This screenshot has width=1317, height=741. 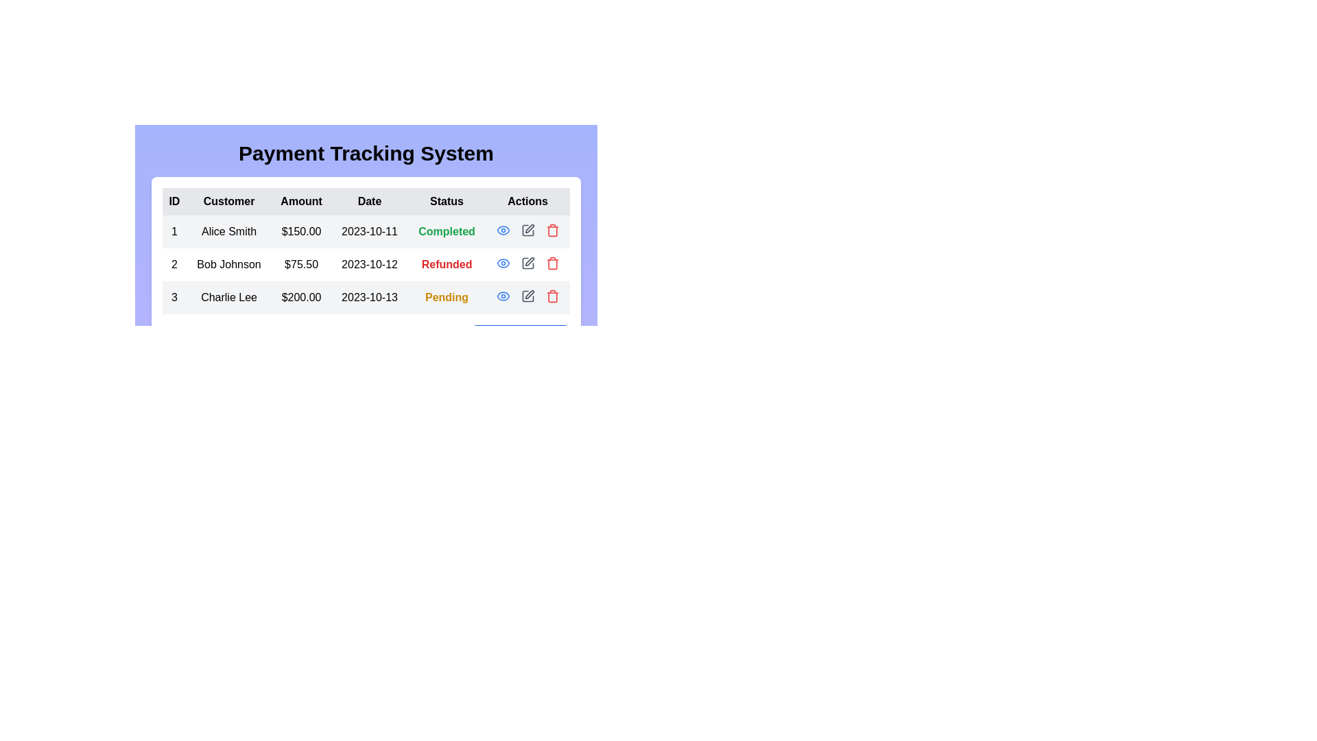 What do you see at coordinates (552, 264) in the screenshot?
I see `trash can icon, which is the third icon from the left in the actions column of the third row, located directly to the right of the pencil/edit icon` at bounding box center [552, 264].